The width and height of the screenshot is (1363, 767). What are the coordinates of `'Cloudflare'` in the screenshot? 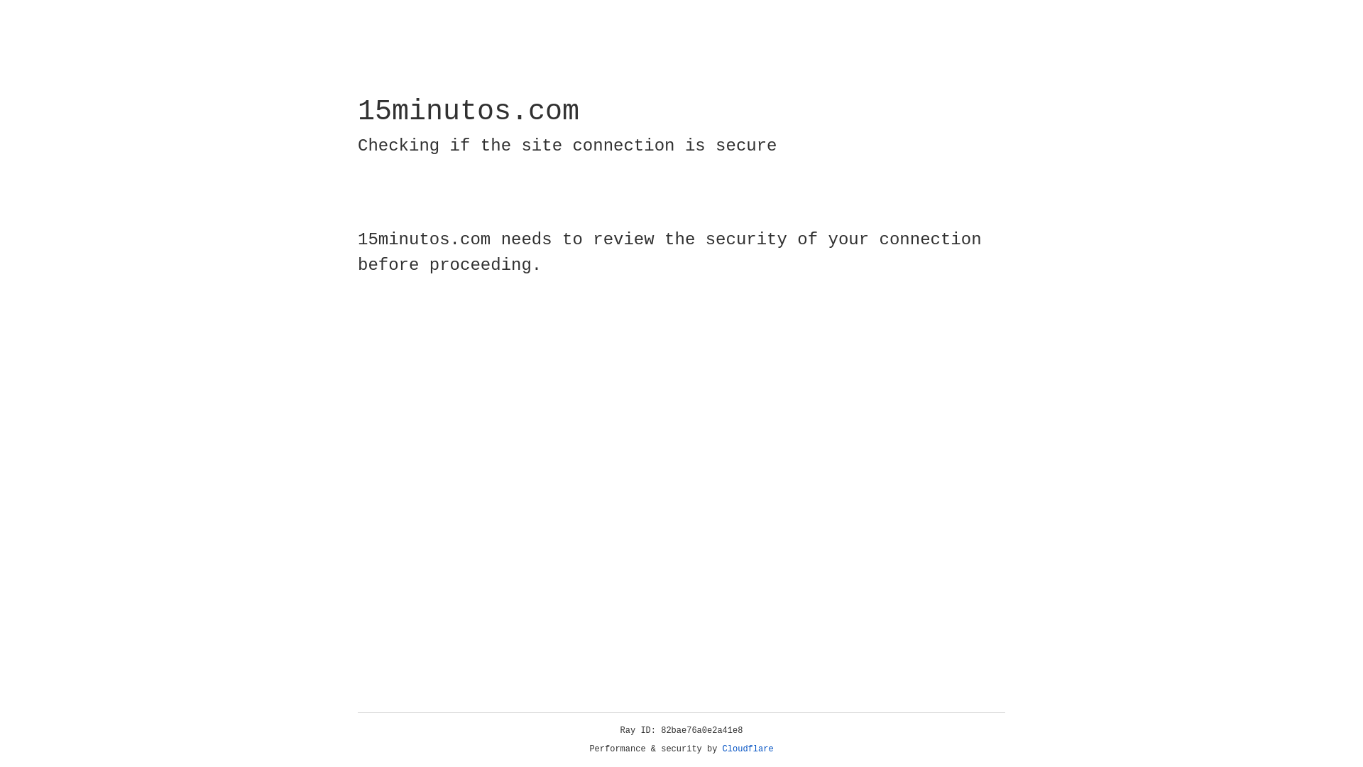 It's located at (748, 749).